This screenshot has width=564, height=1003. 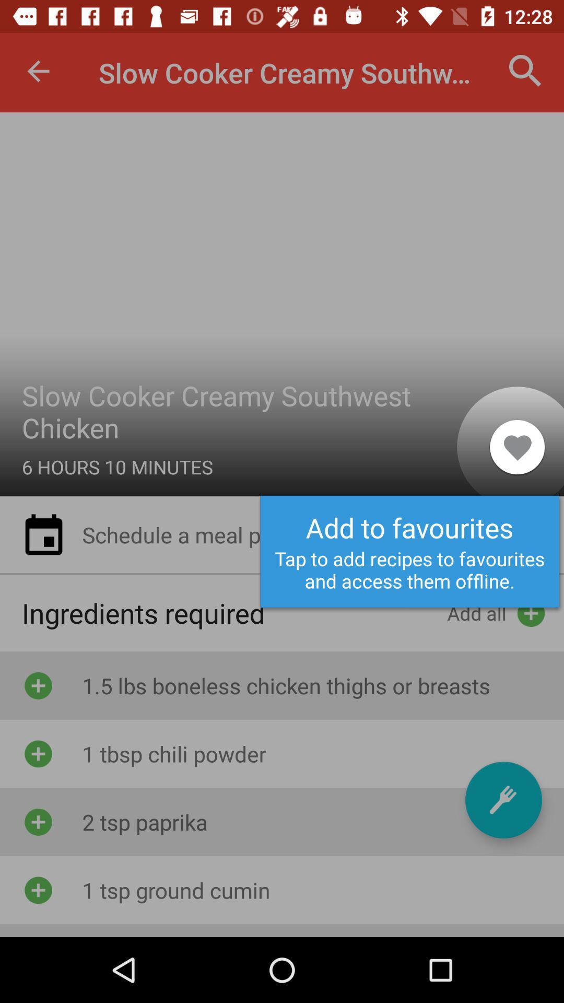 I want to click on a recipe, so click(x=503, y=799).